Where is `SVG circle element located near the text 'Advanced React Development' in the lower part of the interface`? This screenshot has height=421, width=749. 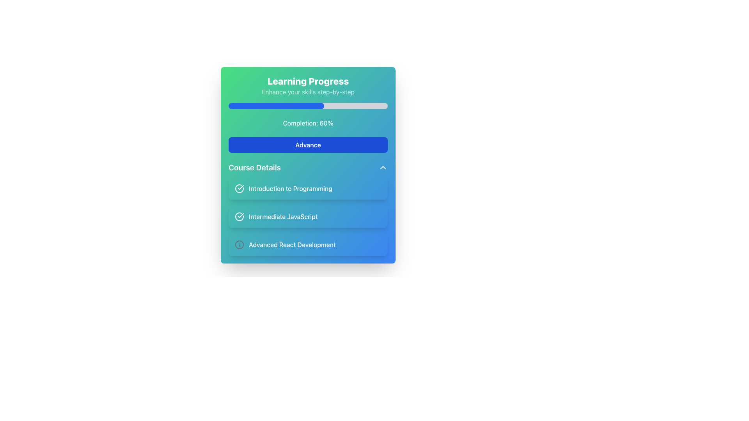 SVG circle element located near the text 'Advanced React Development' in the lower part of the interface is located at coordinates (239, 244).